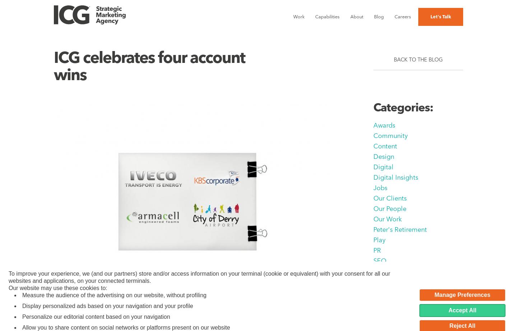 Image resolution: width=517 pixels, height=331 pixels. Describe the element at coordinates (379, 17) in the screenshot. I see `'Blog'` at that location.